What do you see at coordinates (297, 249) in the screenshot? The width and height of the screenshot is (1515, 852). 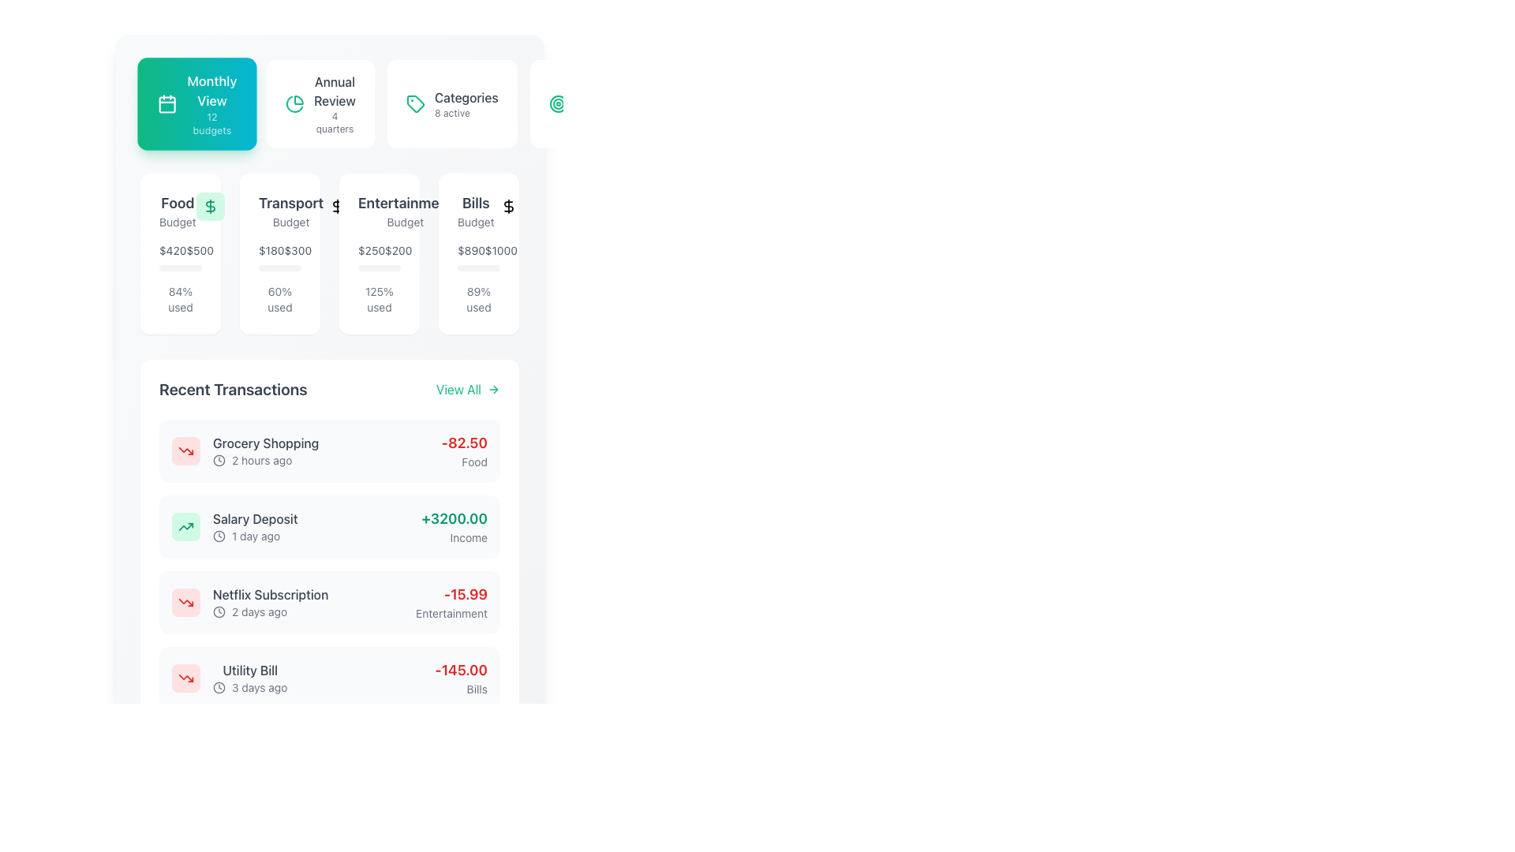 I see `the static text label displaying the maximum budget amount for the 'Transport' category, located in the budget information box below the 'Monthly View' tab` at bounding box center [297, 249].